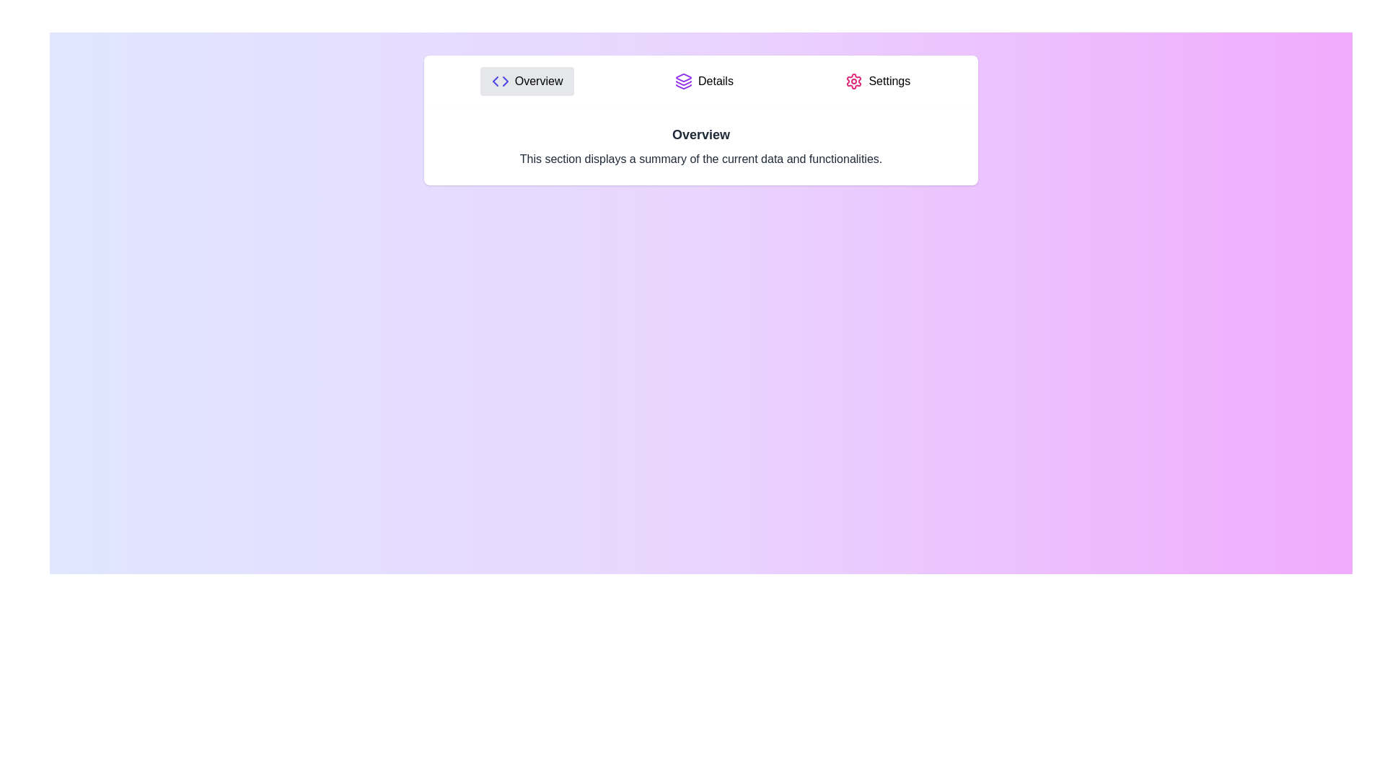  Describe the element at coordinates (700, 159) in the screenshot. I see `the text segment that displays the summary of the current data and functionalities, located directly beneath the 'Overview' heading` at that location.